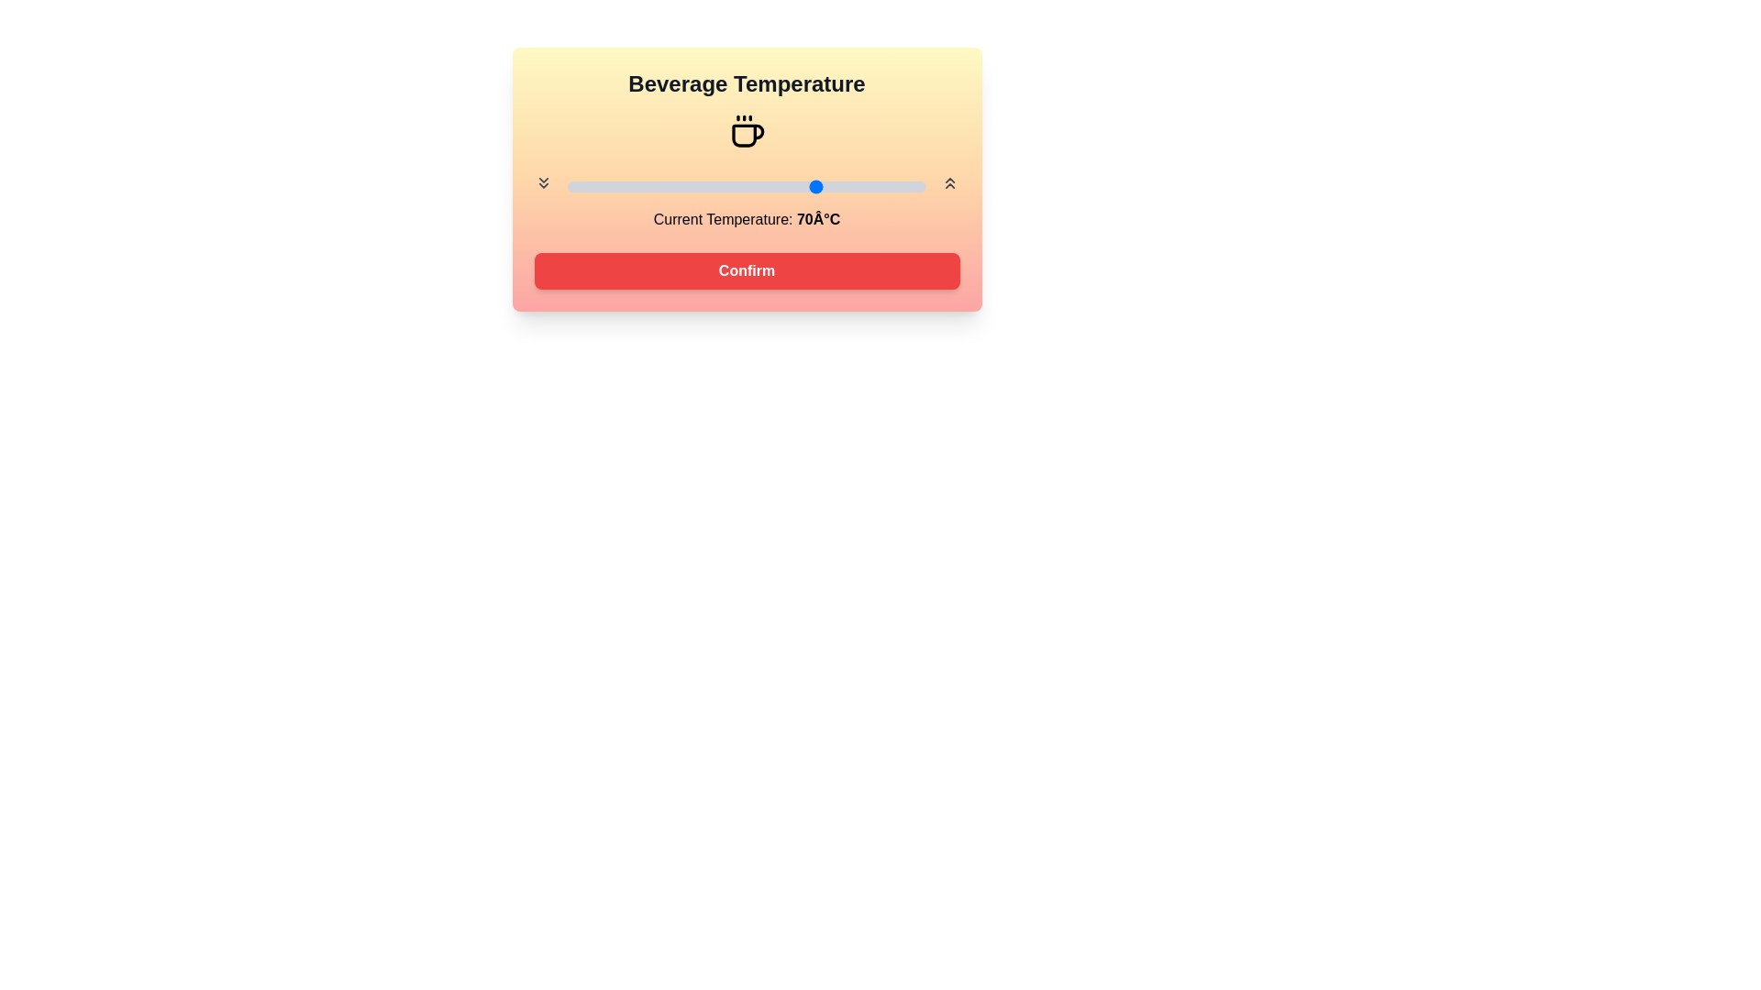  I want to click on the coffee icon to interact with it, so click(747, 130).